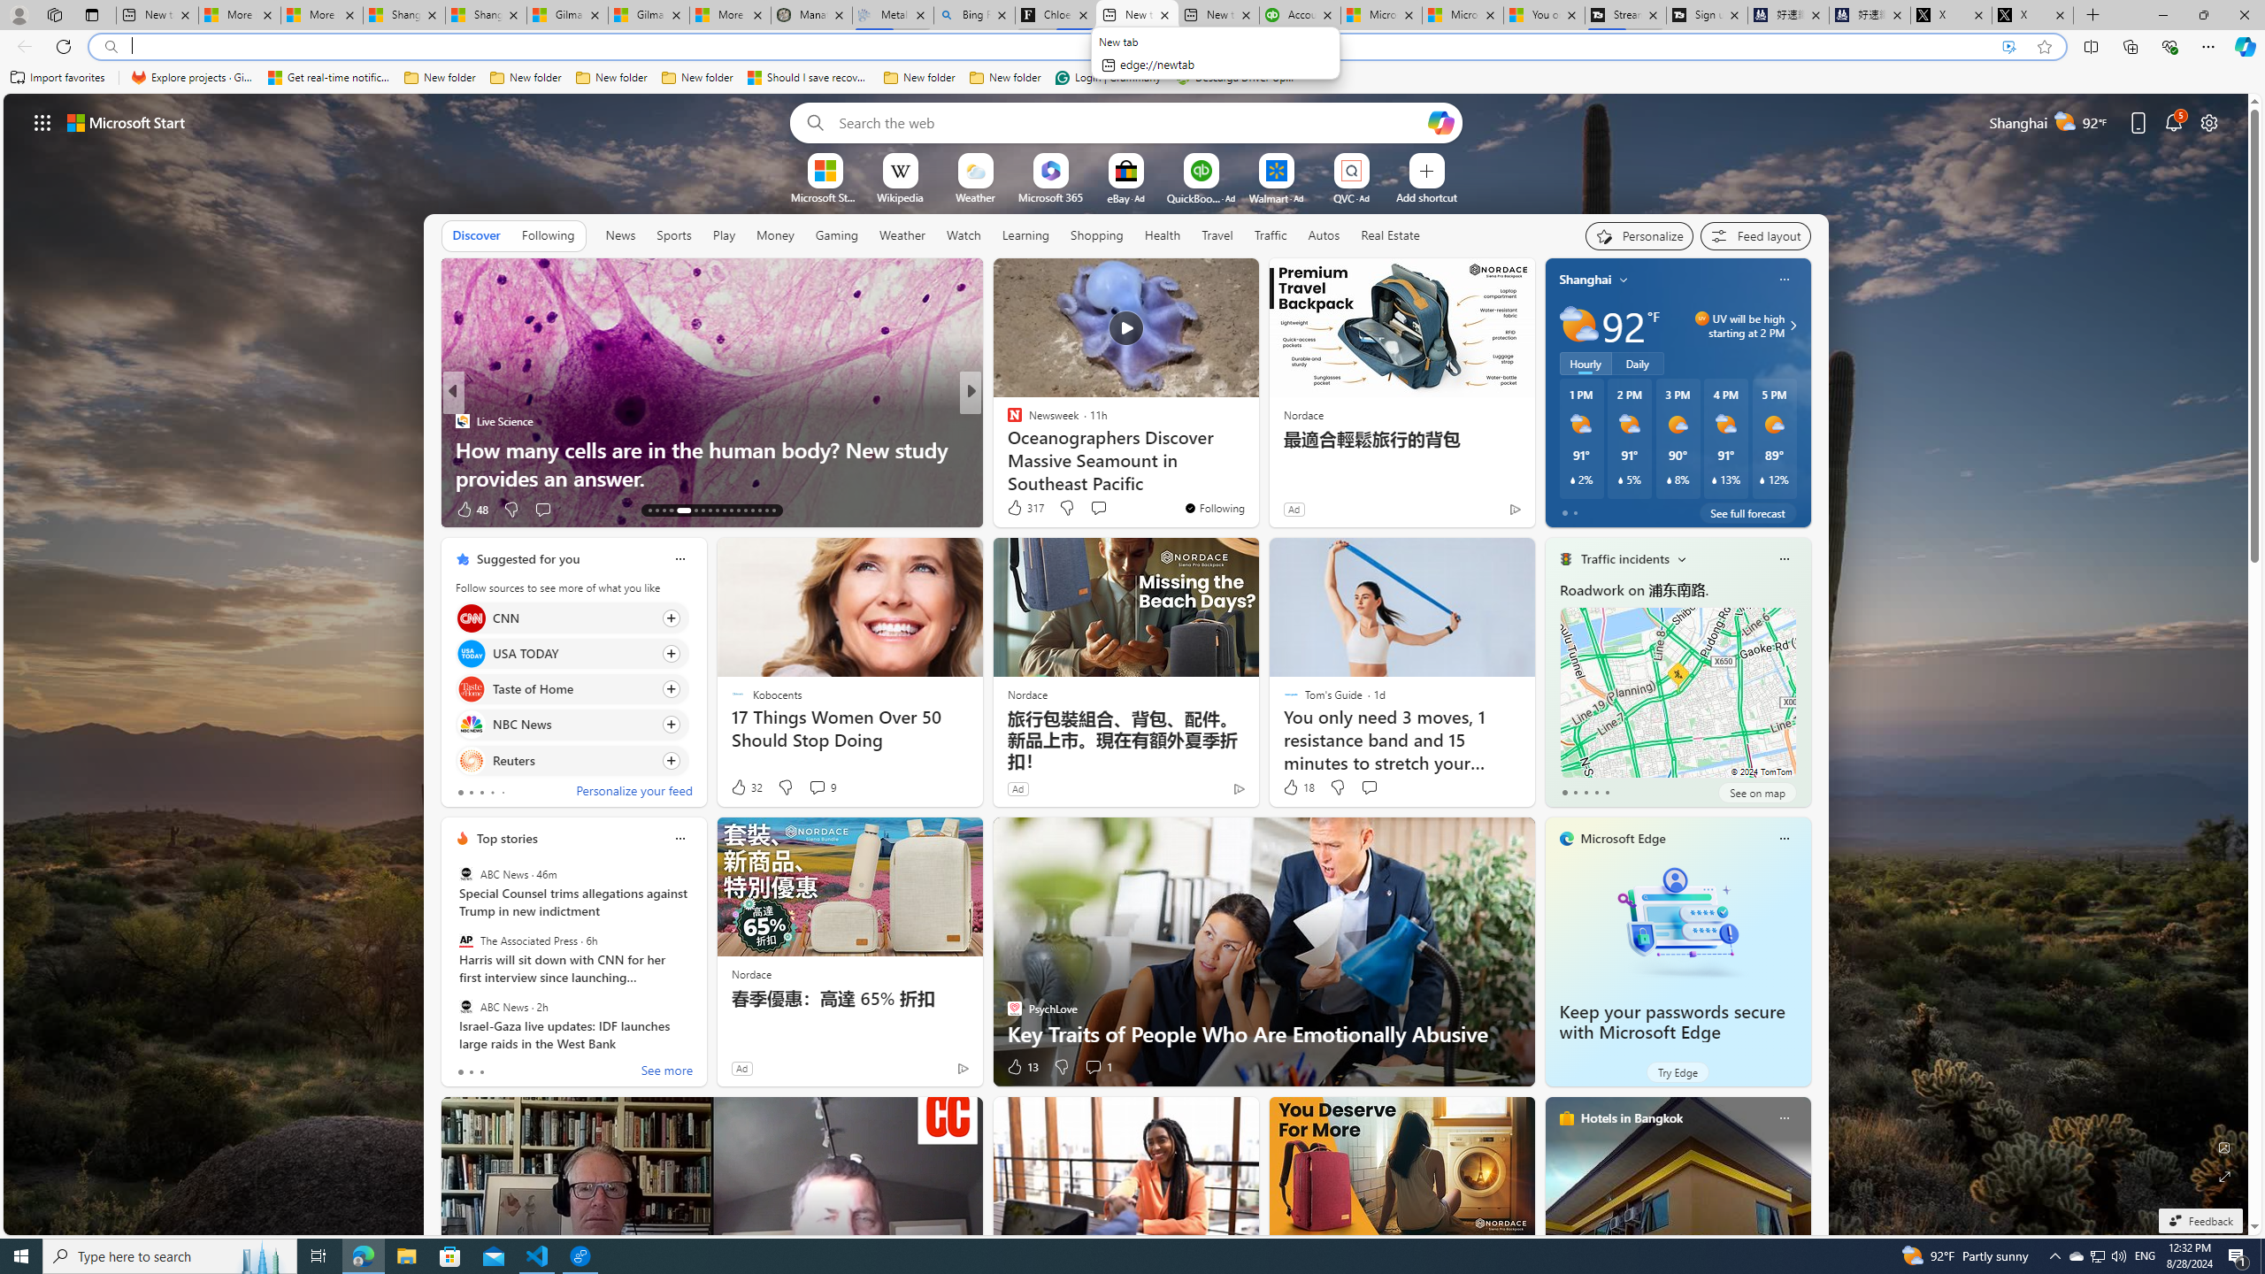 This screenshot has height=1274, width=2265. What do you see at coordinates (722, 234) in the screenshot?
I see `'Play'` at bounding box center [722, 234].